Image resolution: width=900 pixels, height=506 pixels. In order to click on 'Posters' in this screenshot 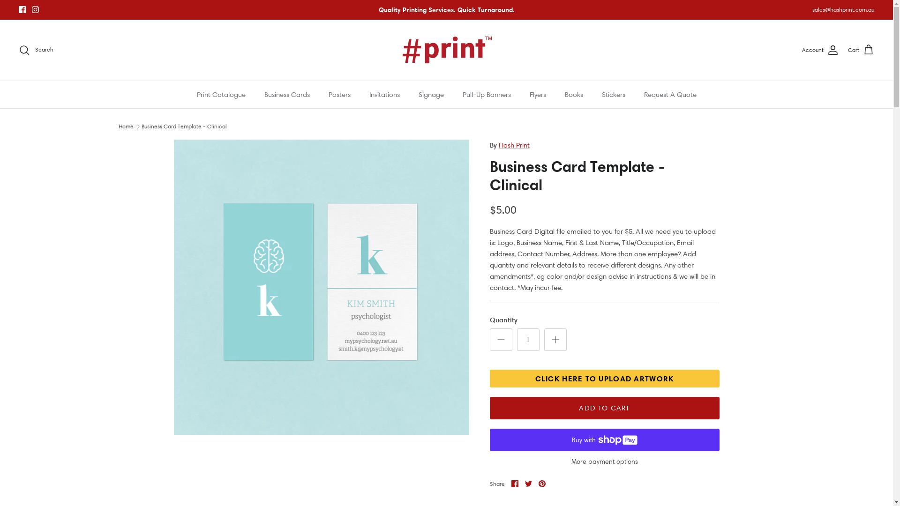, I will do `click(338, 95)`.